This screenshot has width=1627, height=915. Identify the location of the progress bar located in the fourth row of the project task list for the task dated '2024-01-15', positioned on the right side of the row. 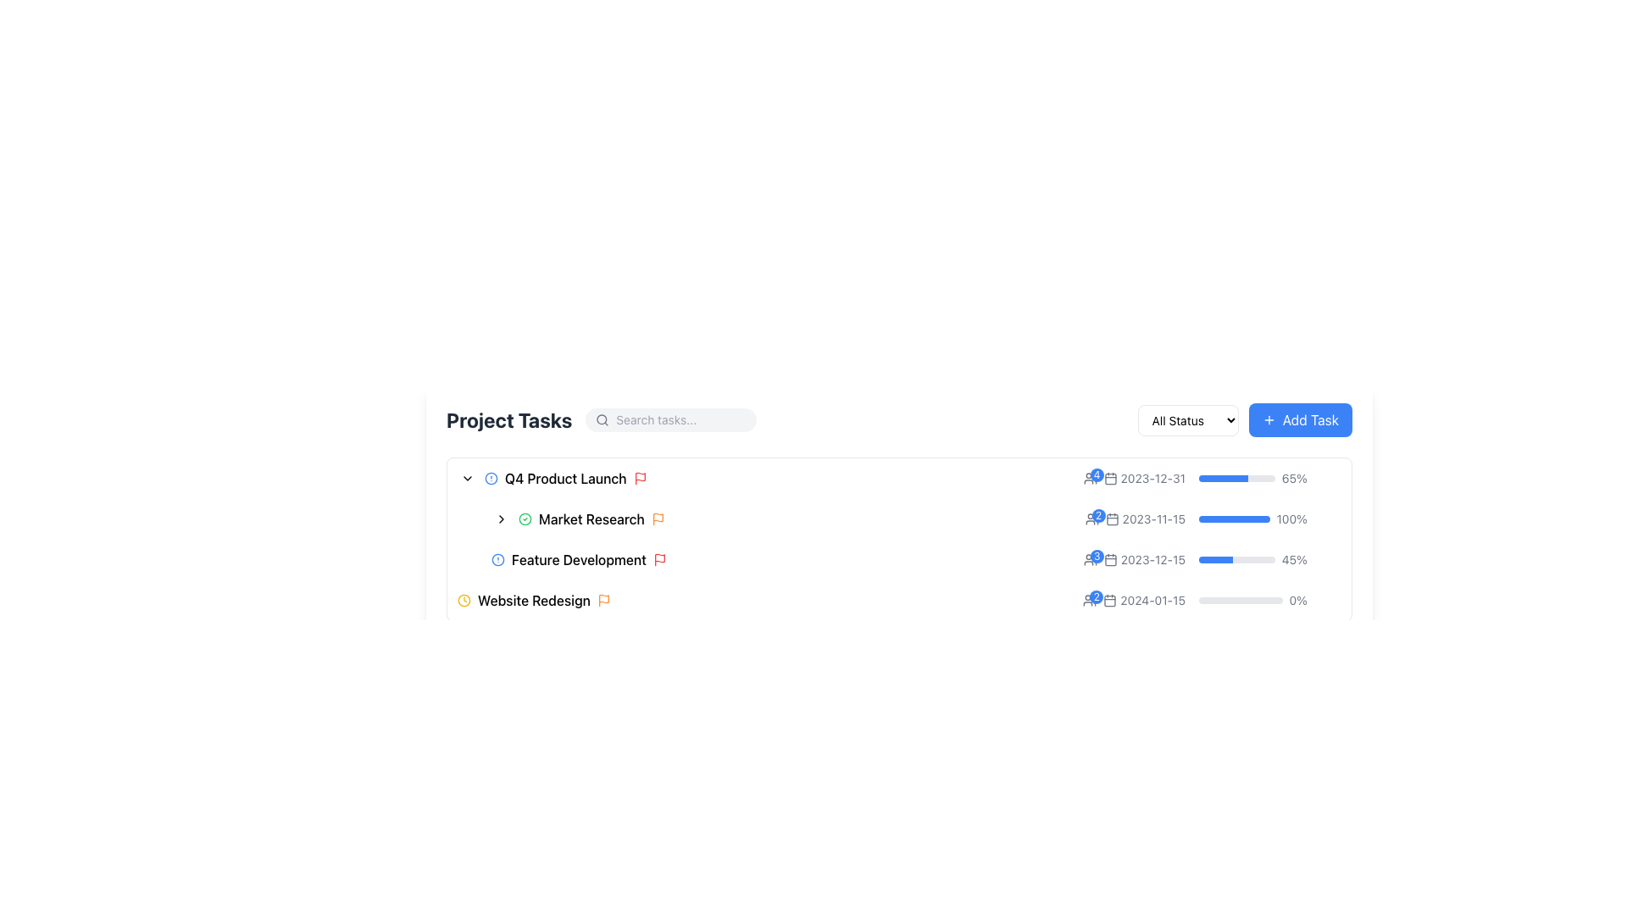
(1252, 600).